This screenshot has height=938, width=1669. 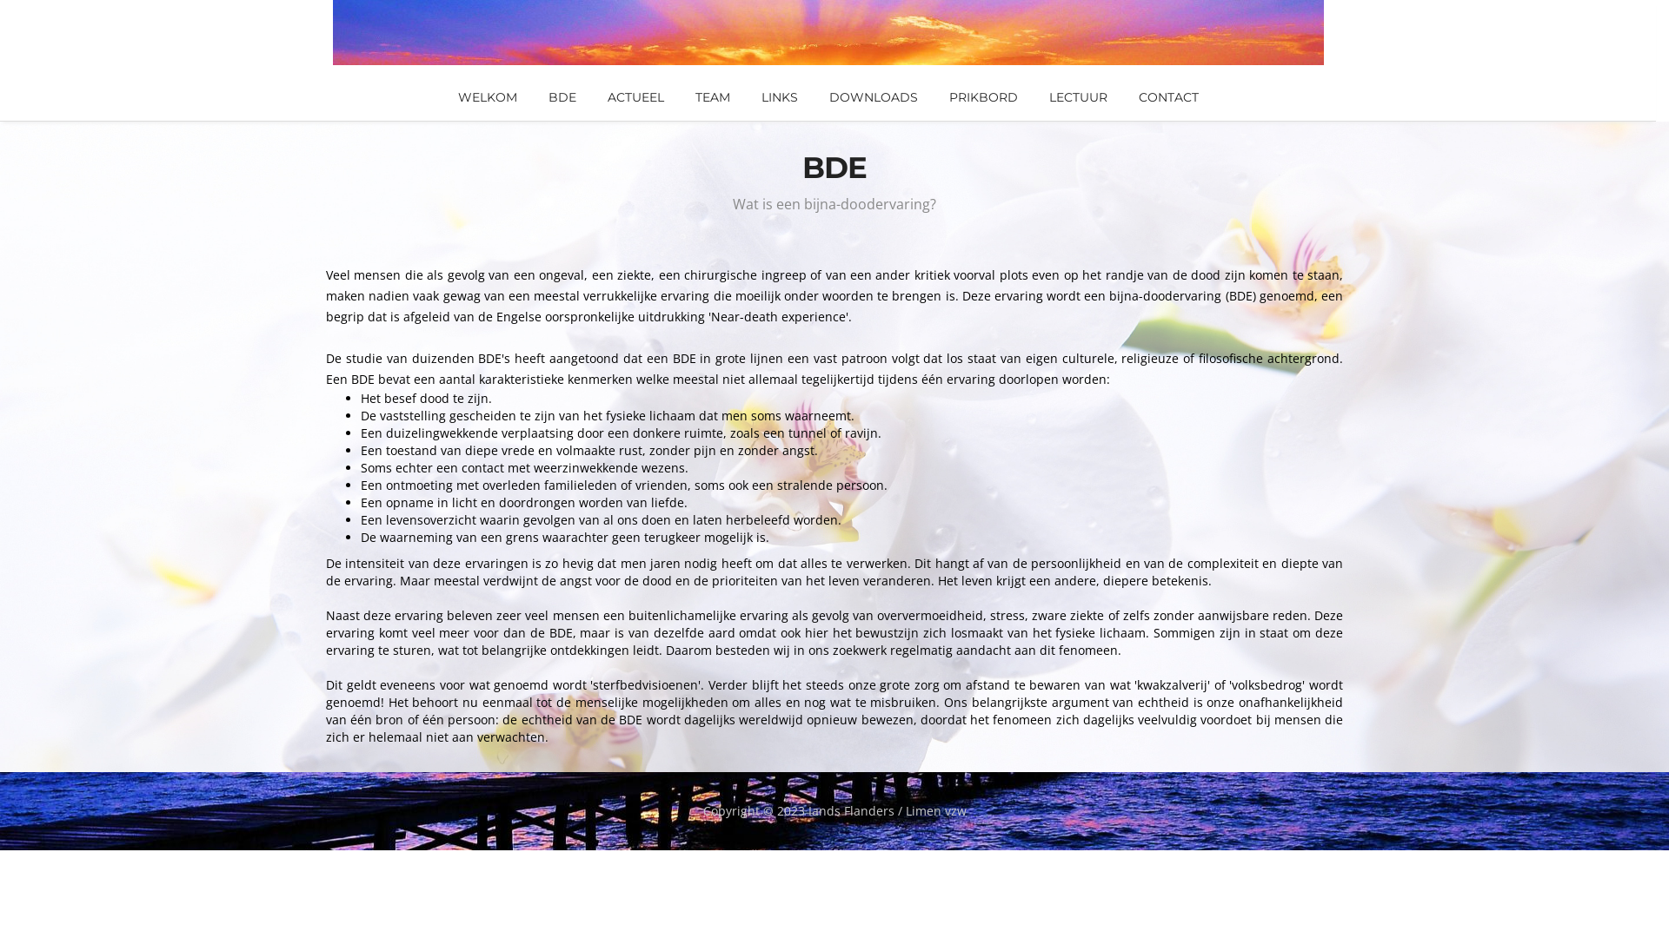 What do you see at coordinates (873, 96) in the screenshot?
I see `'DOWNLOADS'` at bounding box center [873, 96].